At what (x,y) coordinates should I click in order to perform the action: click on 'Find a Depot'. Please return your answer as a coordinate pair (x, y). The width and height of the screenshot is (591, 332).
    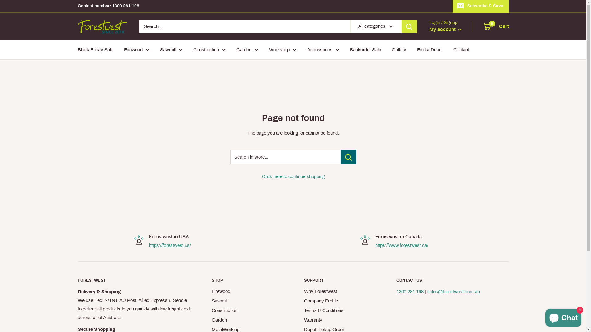
    Looking at the image, I should click on (429, 49).